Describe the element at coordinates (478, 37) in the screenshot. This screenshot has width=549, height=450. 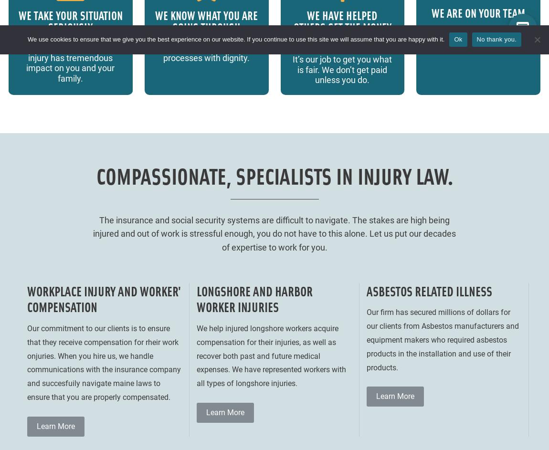
I see `'We work tirelessly to fight for your rights.'` at that location.